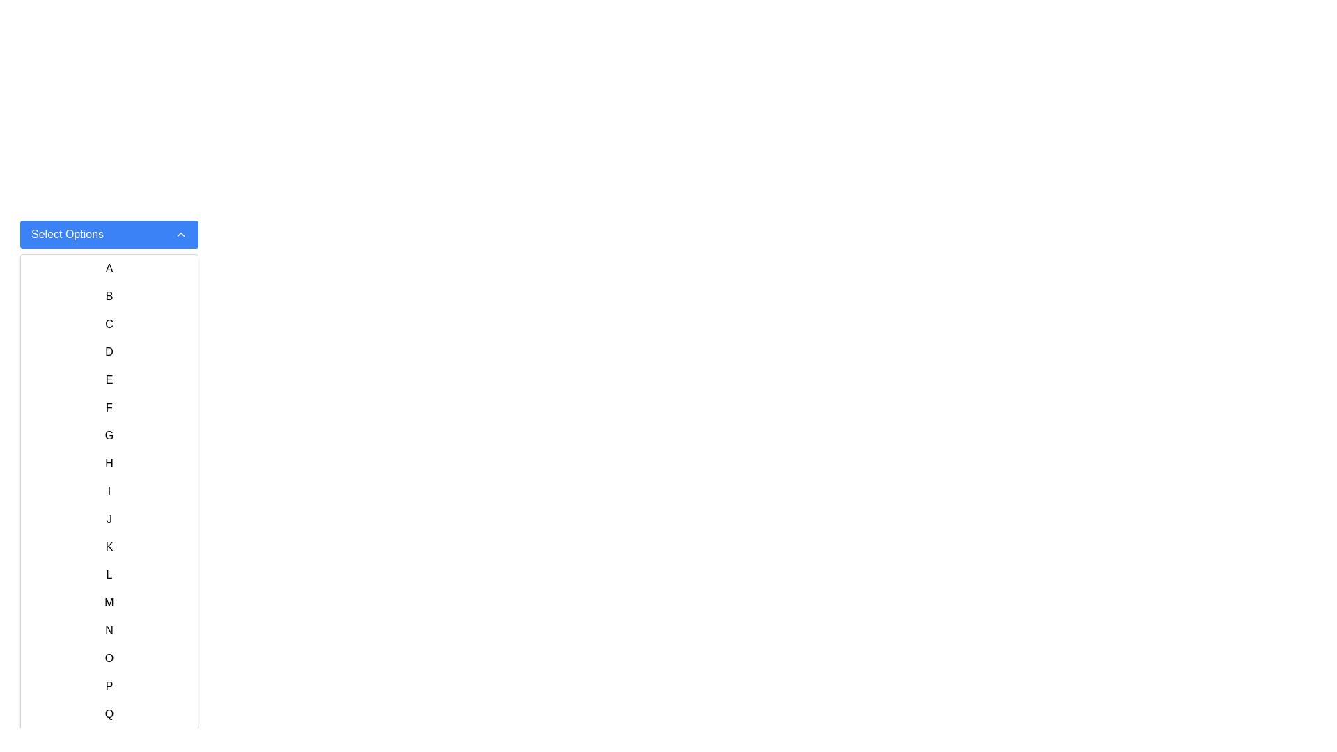 The height and width of the screenshot is (752, 1337). Describe the element at coordinates (109, 547) in the screenshot. I see `the 'K' character in the vertical list of alphabet options` at that location.